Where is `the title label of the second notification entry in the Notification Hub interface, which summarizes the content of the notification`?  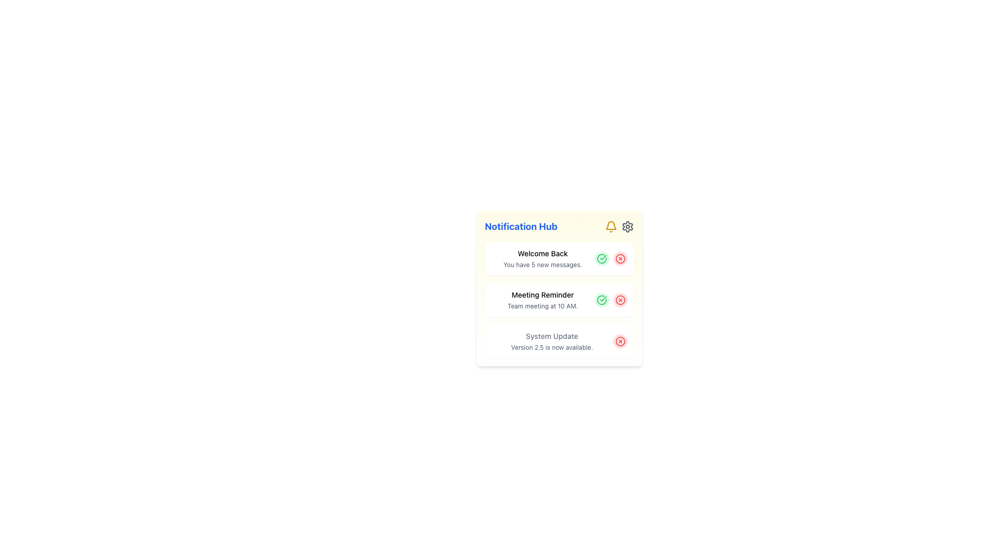 the title label of the second notification entry in the Notification Hub interface, which summarizes the content of the notification is located at coordinates (542, 295).